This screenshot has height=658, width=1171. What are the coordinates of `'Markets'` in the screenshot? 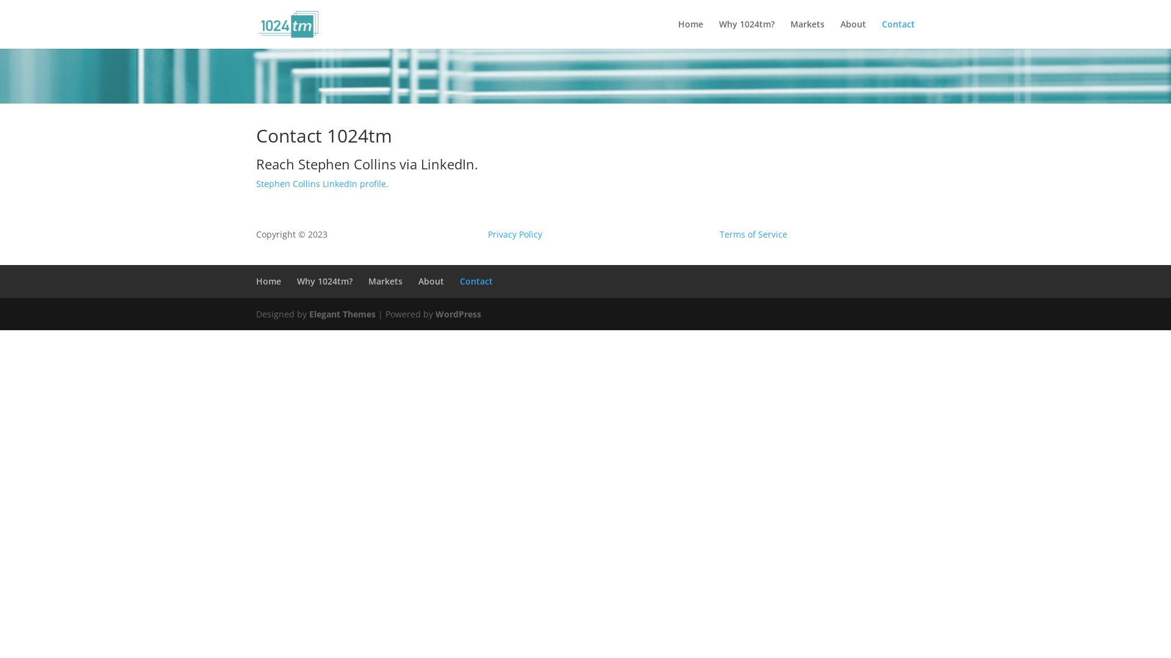 It's located at (385, 281).